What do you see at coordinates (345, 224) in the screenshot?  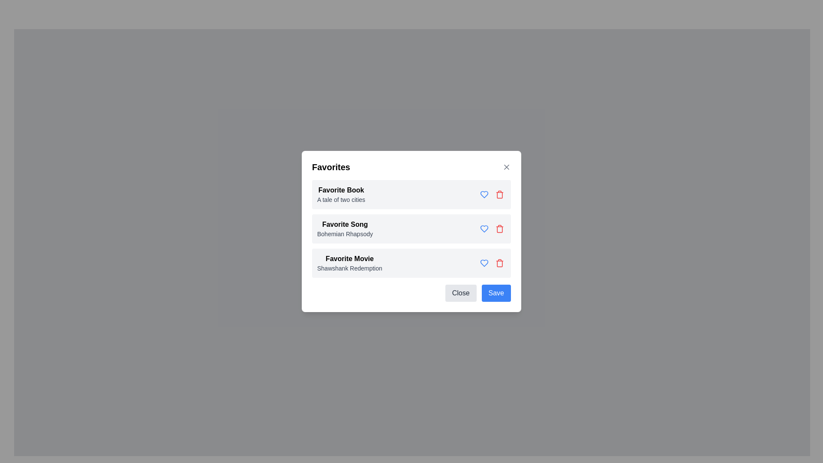 I see `the static text label that describes the song name, located in the second row of the 'Favorites' section dialog, above 'Bohemian Rhapsody'` at bounding box center [345, 224].